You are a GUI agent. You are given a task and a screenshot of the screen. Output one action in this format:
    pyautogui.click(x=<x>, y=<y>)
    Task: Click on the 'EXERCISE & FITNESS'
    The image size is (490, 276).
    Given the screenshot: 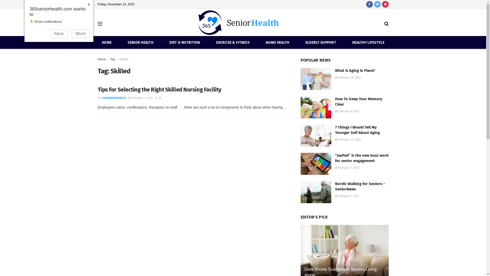 What is the action you would take?
    pyautogui.click(x=232, y=42)
    